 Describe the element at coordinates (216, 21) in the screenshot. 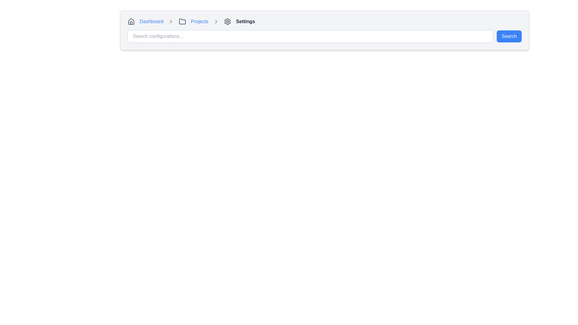

I see `the rightward-facing gray chevron icon in the breadcrumb navigation, located between the 'Projects' and 'Settings' links` at that location.